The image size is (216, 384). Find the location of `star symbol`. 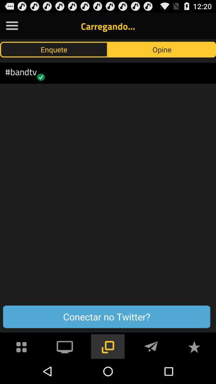

star symbol is located at coordinates (194, 346).